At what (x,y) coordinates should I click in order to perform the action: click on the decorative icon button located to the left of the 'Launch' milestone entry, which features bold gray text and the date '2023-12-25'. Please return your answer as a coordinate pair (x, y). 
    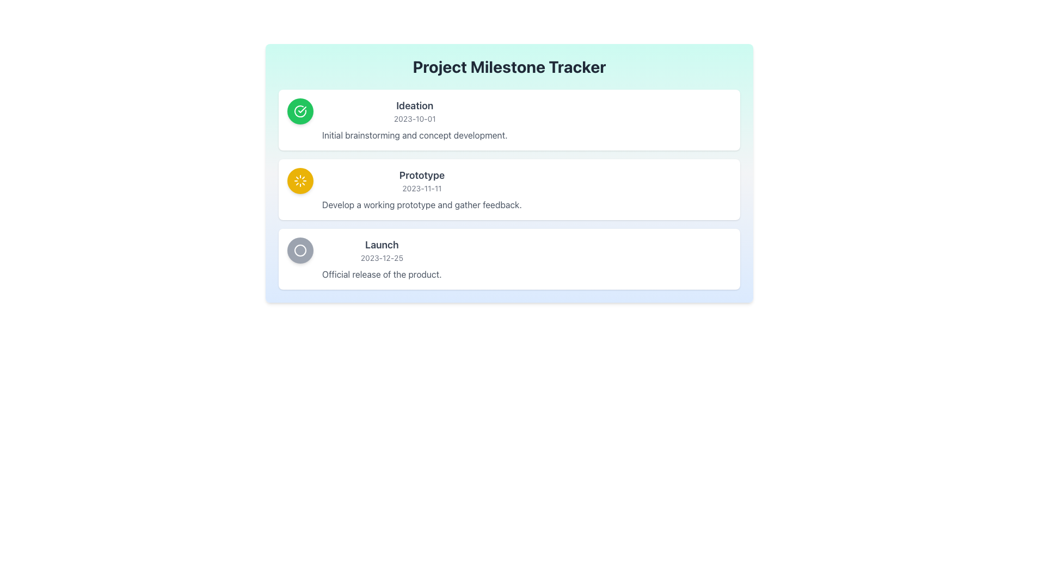
    Looking at the image, I should click on (300, 251).